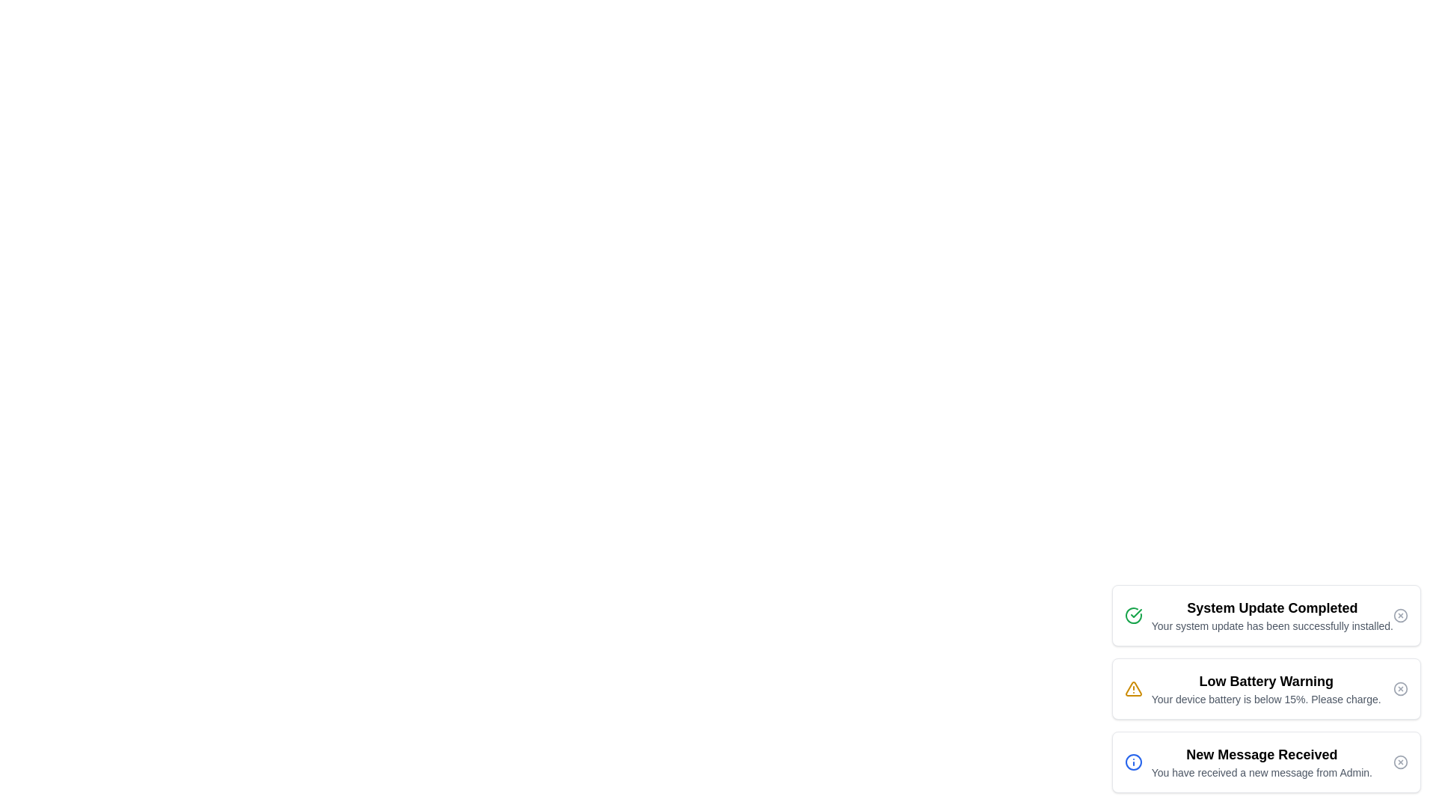  I want to click on information displayed in the text block within the first notification card, which announces 'System Update Completed' and provides additional details about the successful installation, so click(1271, 615).